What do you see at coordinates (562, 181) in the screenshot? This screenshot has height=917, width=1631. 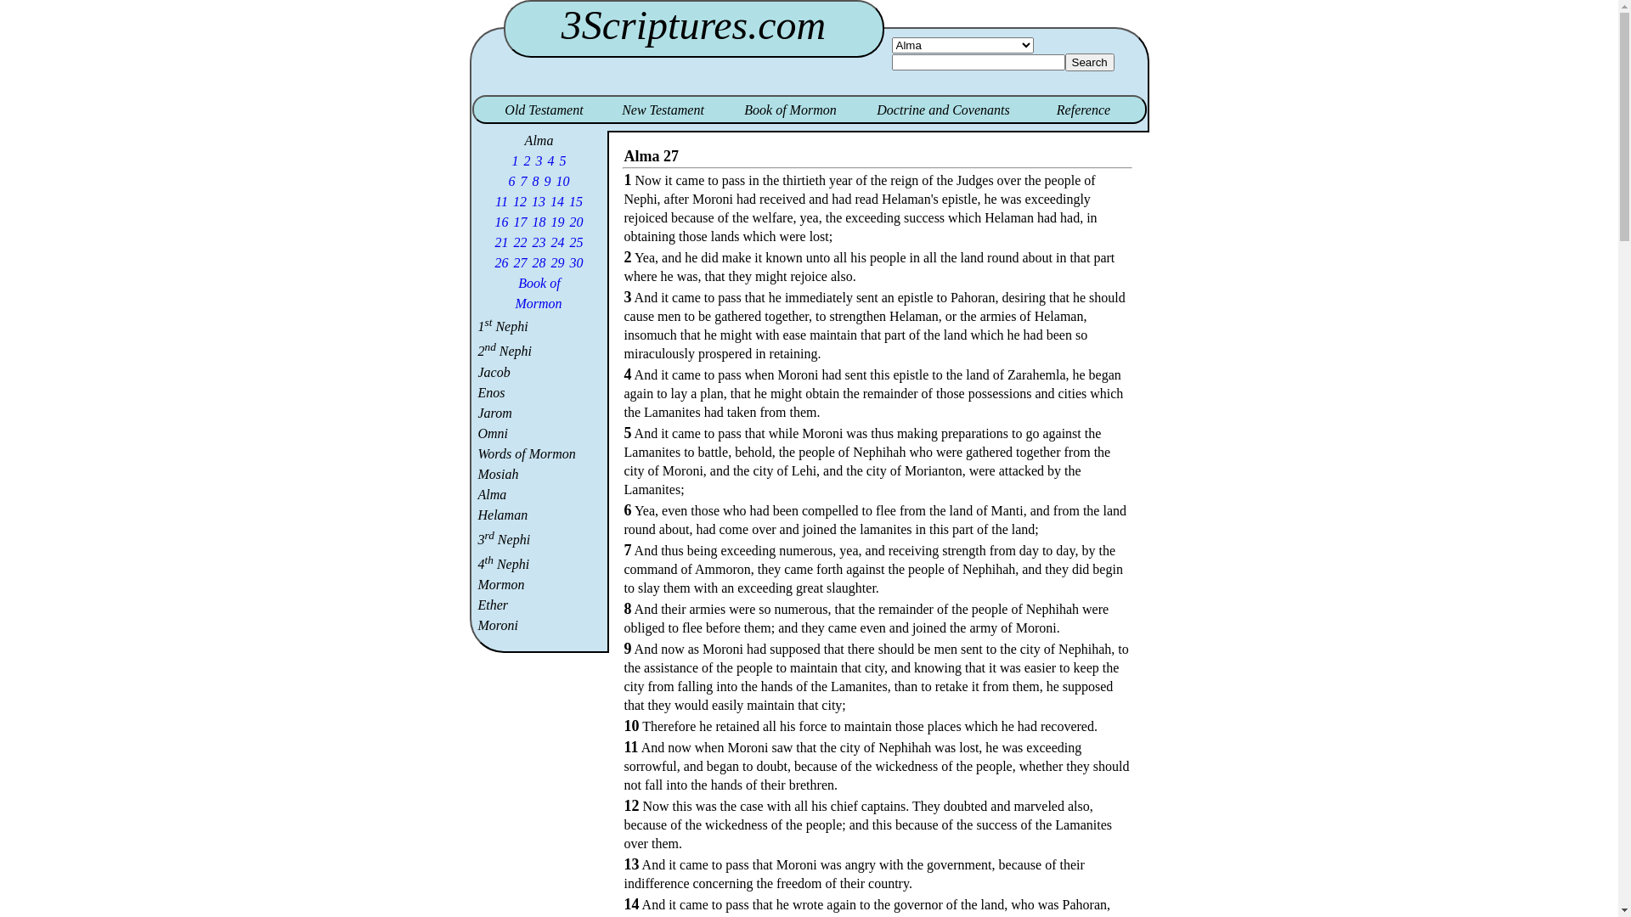 I see `'10'` at bounding box center [562, 181].